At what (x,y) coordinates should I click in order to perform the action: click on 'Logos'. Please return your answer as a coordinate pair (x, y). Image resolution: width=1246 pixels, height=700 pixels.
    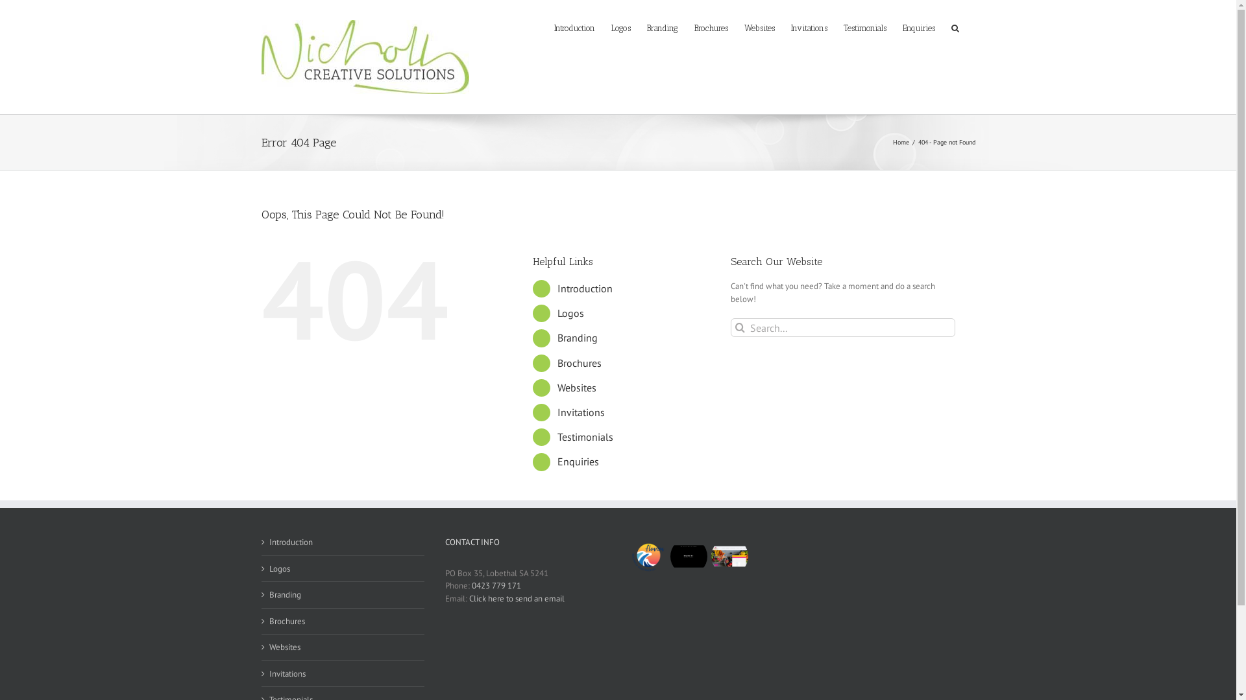
    Looking at the image, I should click on (570, 312).